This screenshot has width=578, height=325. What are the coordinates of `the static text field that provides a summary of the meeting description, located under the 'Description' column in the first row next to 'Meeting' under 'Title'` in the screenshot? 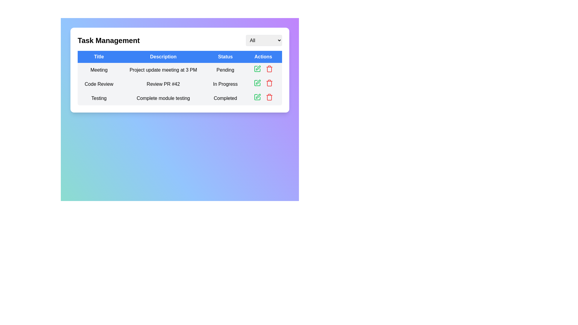 It's located at (163, 70).